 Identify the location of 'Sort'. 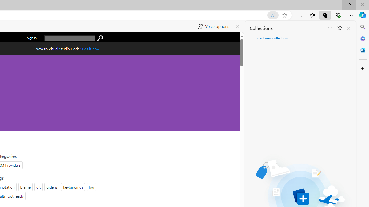
(330, 28).